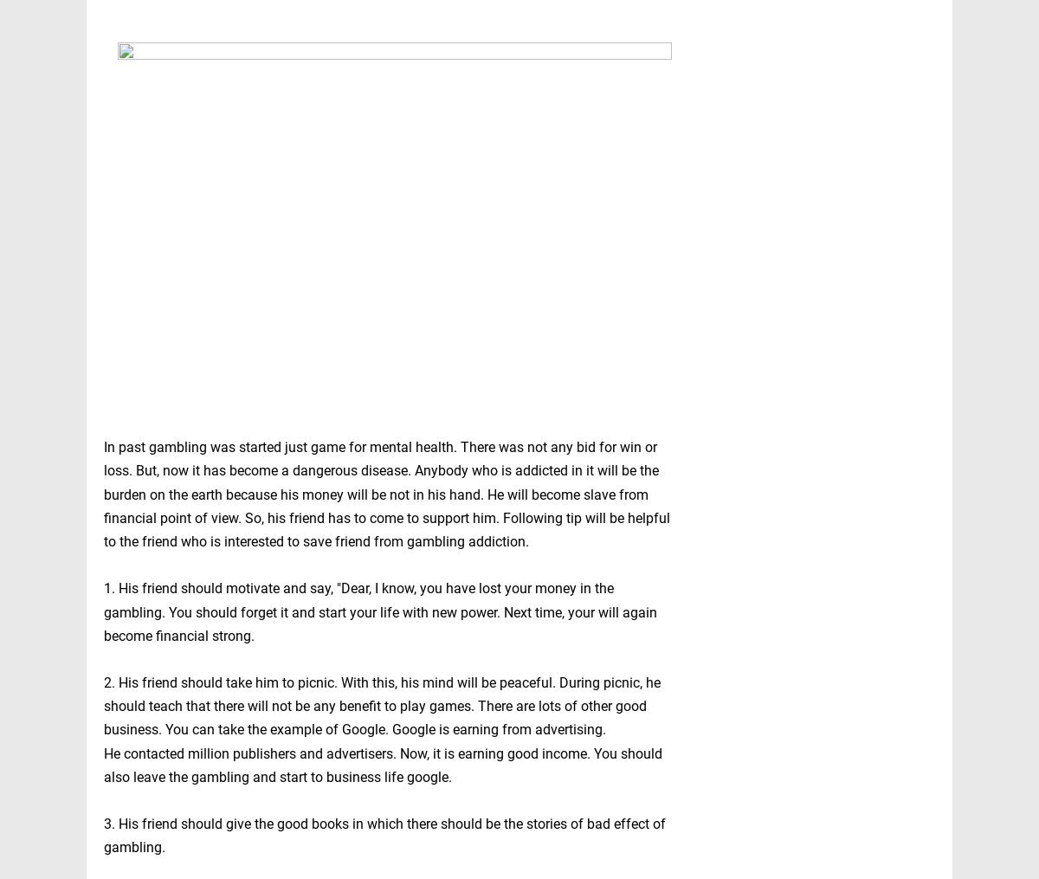 The width and height of the screenshot is (1039, 879). What do you see at coordinates (383, 729) in the screenshot?
I see `'2. His friend should take him to picnic. With this, his mind will be peaceful. During picnic, he should teach that there will not be any benefit to play games. There are lots of other good business. You can take the example of Google. Google is earning from advertising. He contacted million publishers and advertisers. Now, it is earning good income. You should also leave the gambling and start to business life google.'` at bounding box center [383, 729].